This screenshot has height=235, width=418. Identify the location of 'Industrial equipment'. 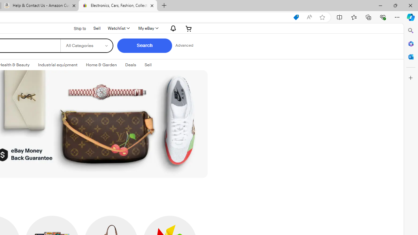
(58, 65).